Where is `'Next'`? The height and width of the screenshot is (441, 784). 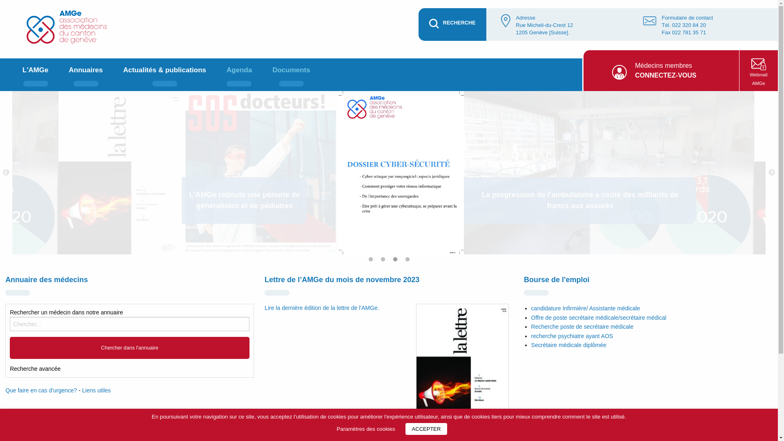 'Next' is located at coordinates (771, 172).